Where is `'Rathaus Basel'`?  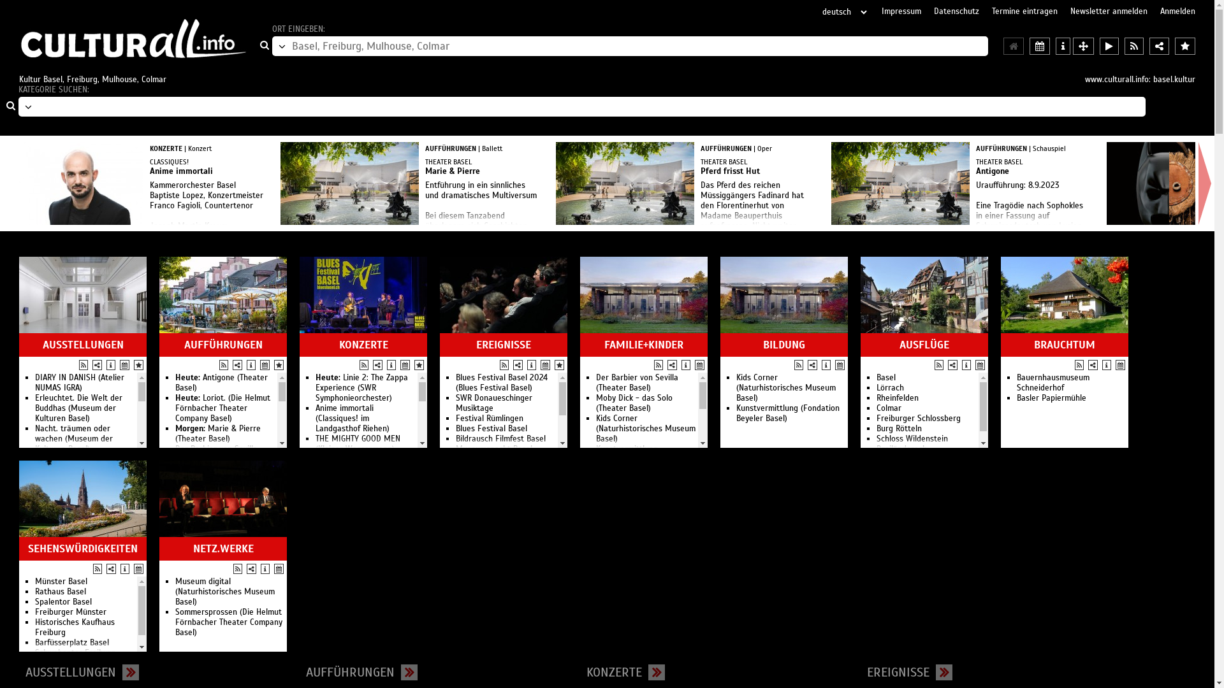 'Rathaus Basel' is located at coordinates (60, 592).